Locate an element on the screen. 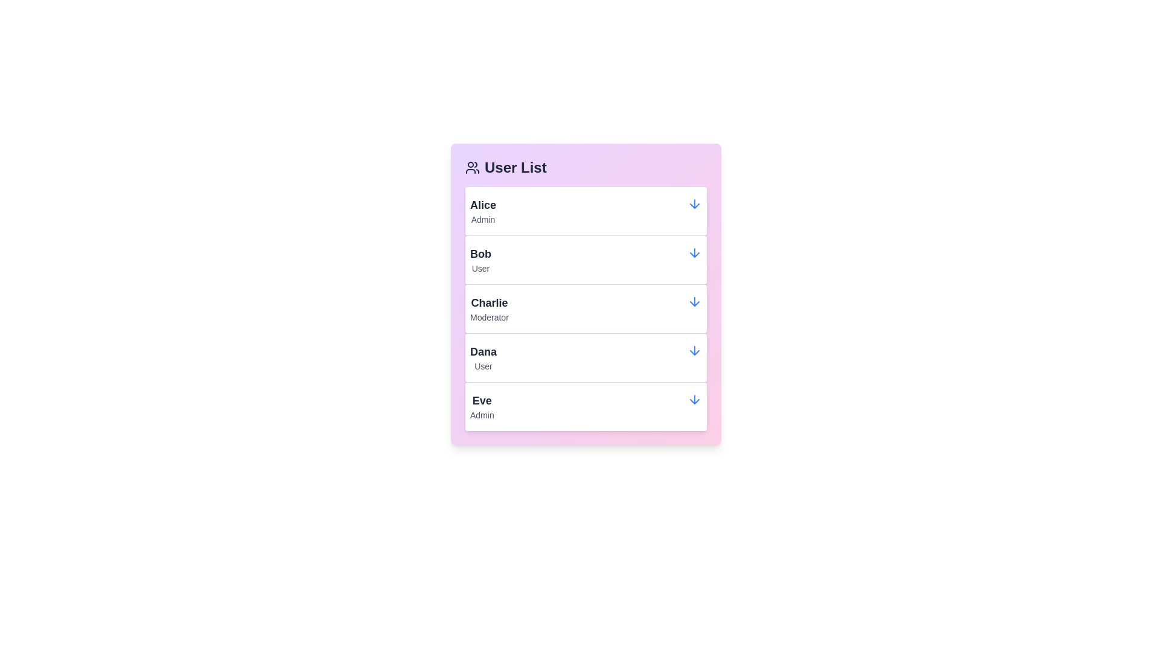 The height and width of the screenshot is (652, 1159). the user list item corresponding to Eve is located at coordinates (586, 406).